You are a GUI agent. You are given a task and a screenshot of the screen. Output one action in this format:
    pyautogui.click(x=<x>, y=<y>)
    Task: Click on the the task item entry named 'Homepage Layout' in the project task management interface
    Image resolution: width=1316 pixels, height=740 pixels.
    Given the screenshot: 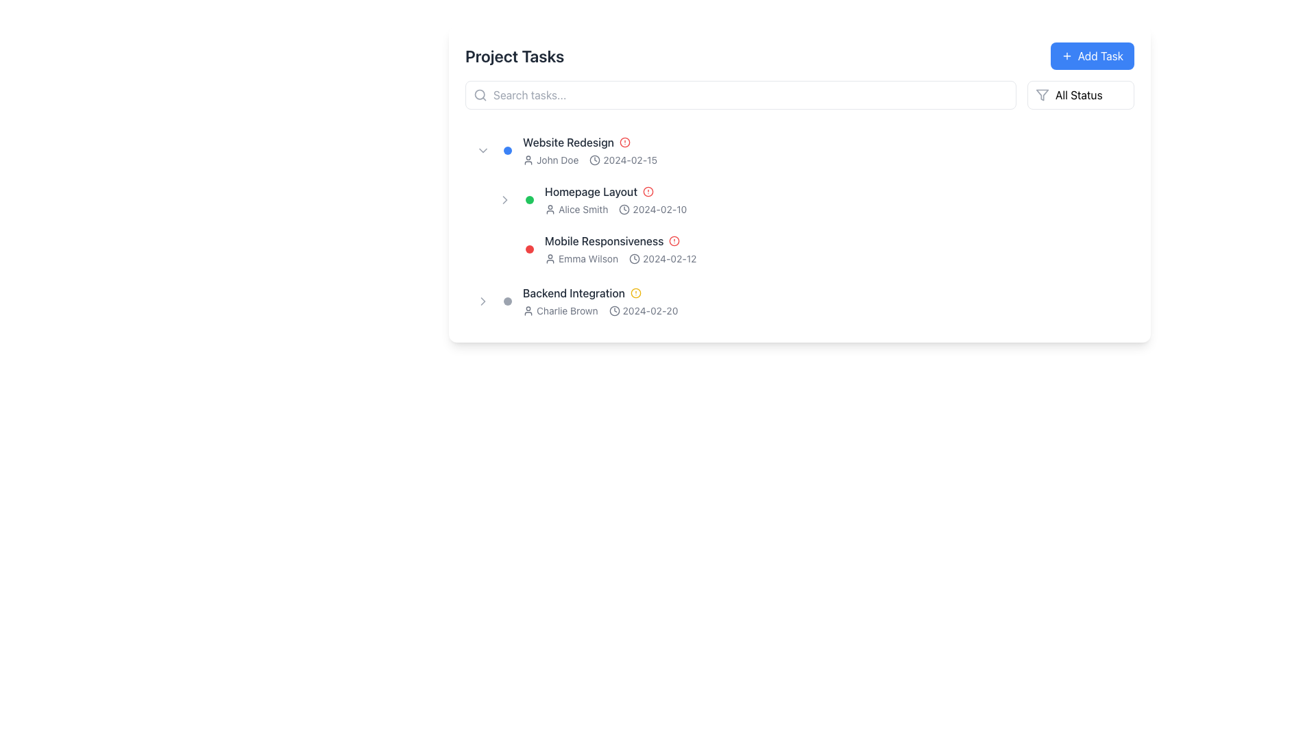 What is the action you would take?
    pyautogui.click(x=810, y=200)
    